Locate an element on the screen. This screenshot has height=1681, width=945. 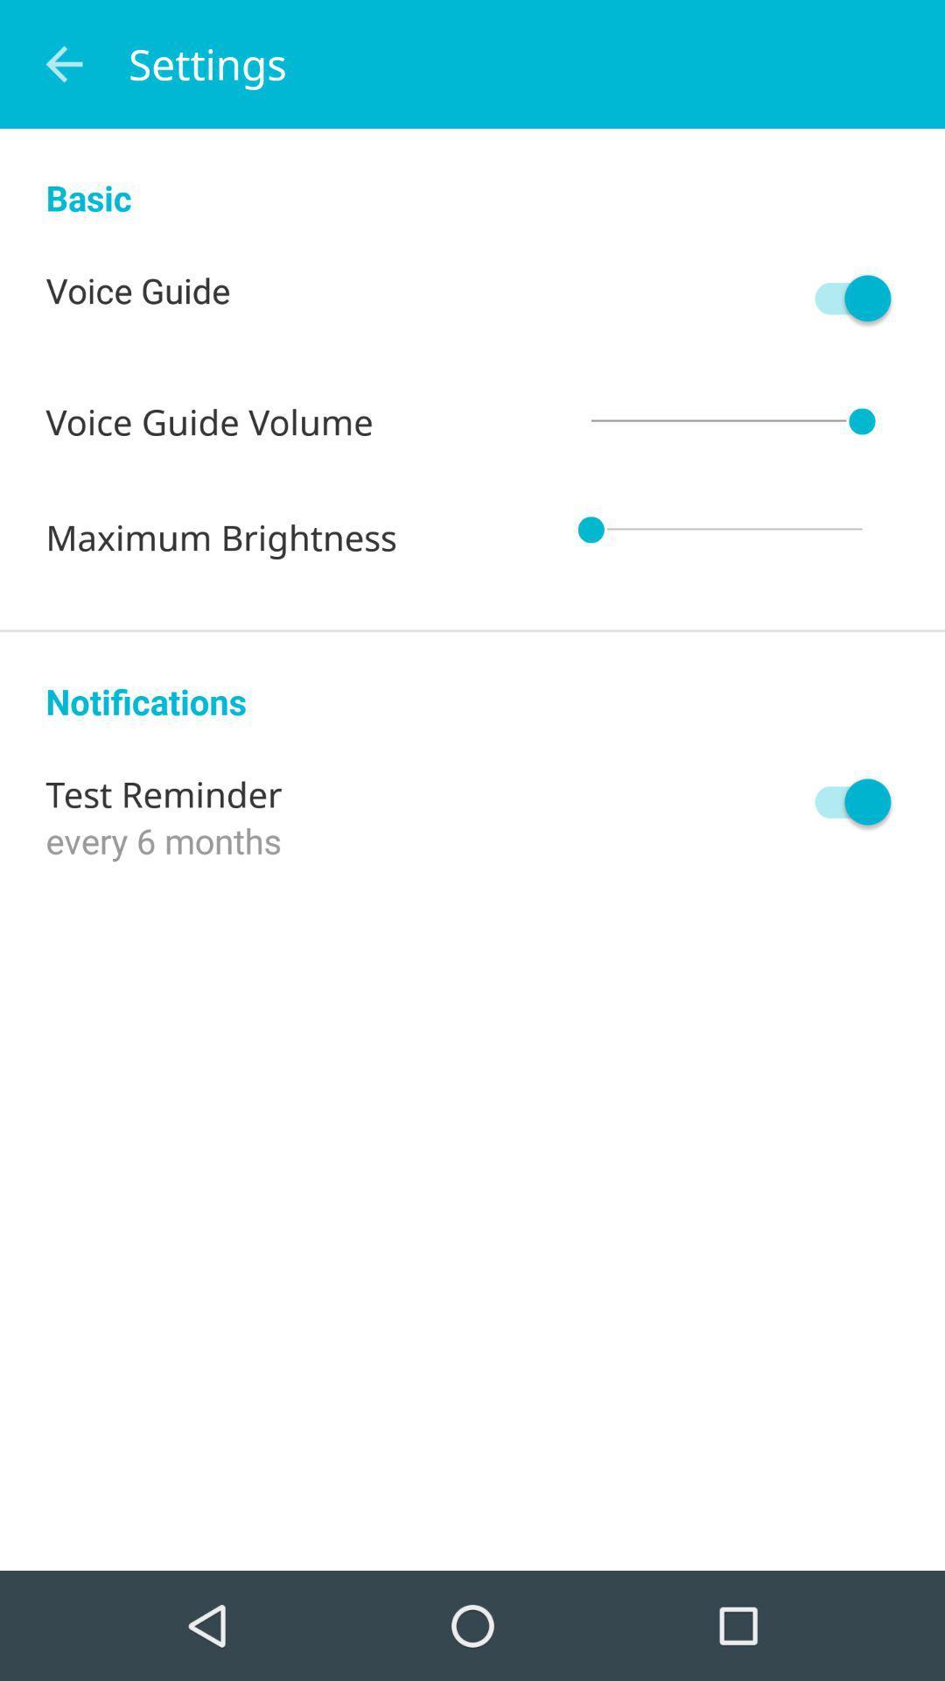
item next to settings item is located at coordinates (63, 64).